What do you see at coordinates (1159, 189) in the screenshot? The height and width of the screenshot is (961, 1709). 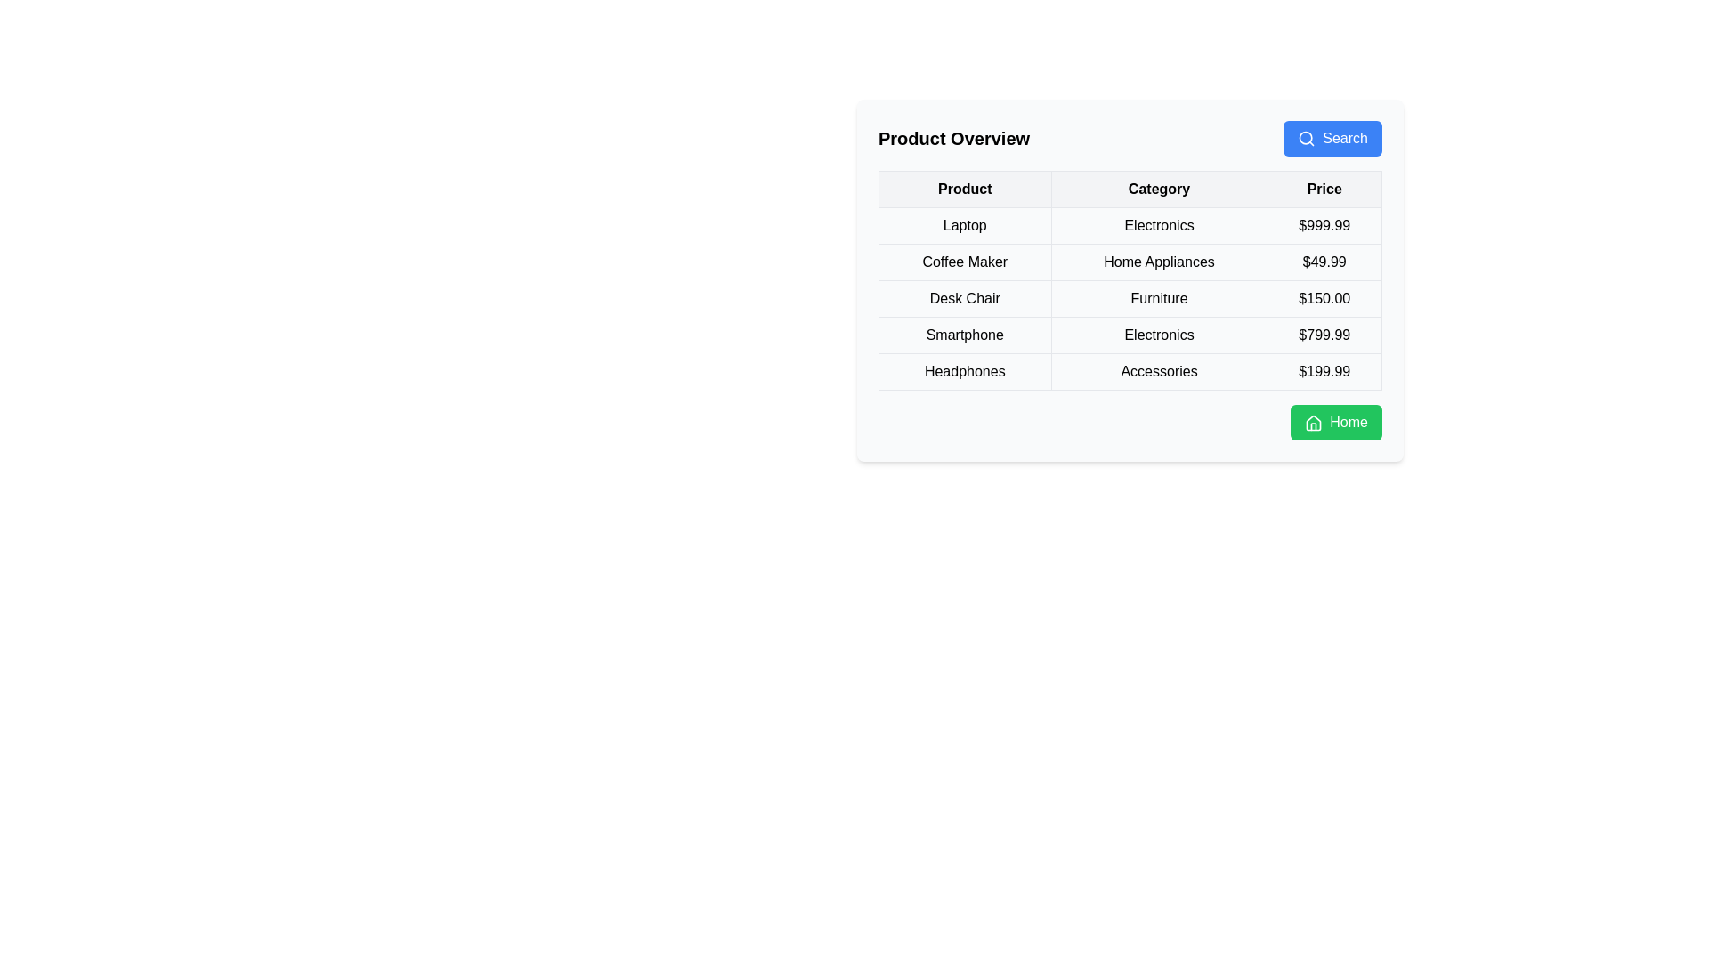 I see `the second column header in the table that labels the product categories, located between the 'Product' and 'Price' headers` at bounding box center [1159, 189].